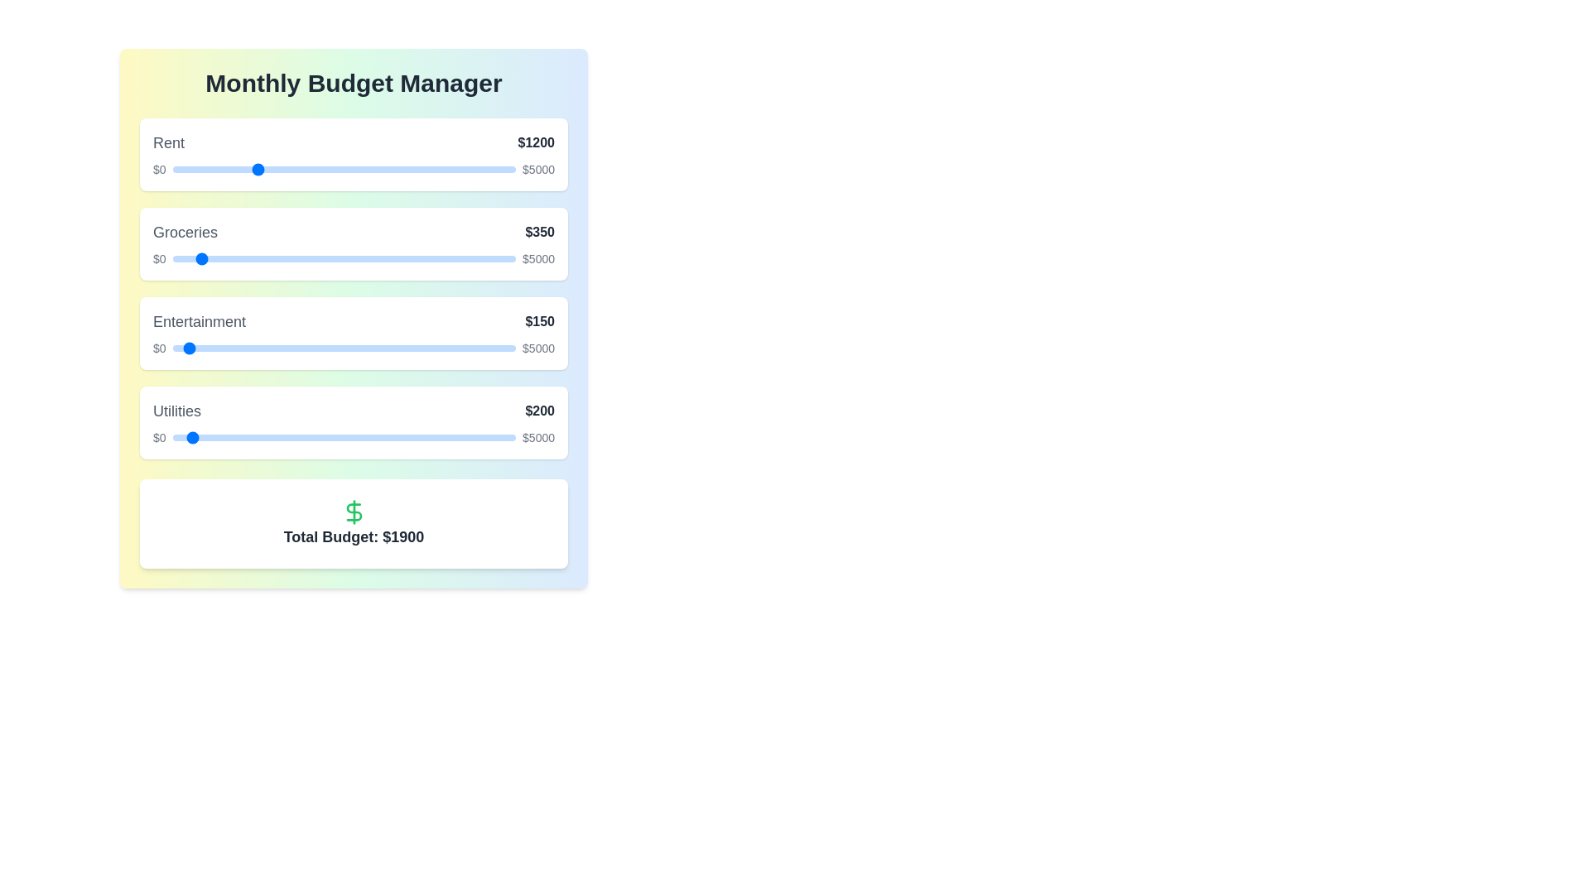 The width and height of the screenshot is (1590, 894). Describe the element at coordinates (185, 169) in the screenshot. I see `rent budget` at that location.